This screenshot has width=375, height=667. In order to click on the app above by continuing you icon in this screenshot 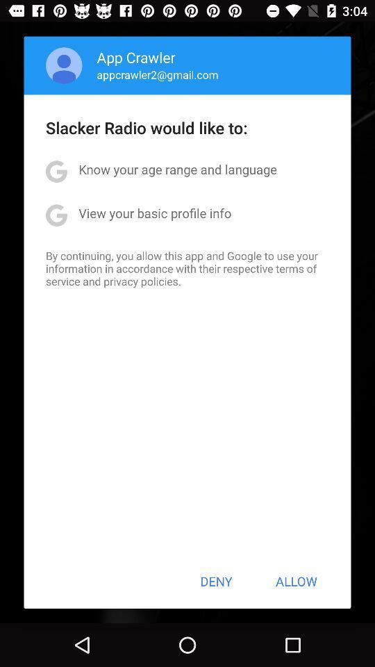, I will do `click(154, 213)`.